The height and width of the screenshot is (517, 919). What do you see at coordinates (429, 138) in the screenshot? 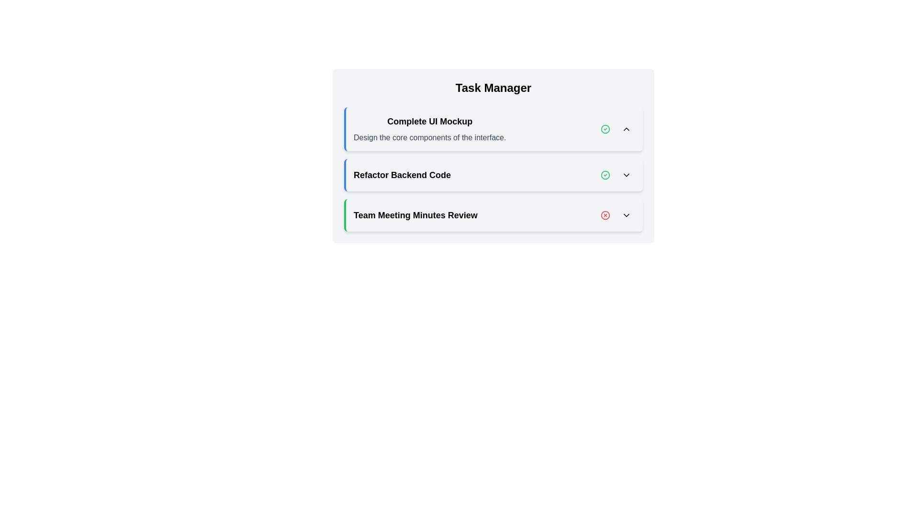
I see `text description or subtitle located directly beneath the header 'Complete UI Mockup' in the top section of the interface` at bounding box center [429, 138].